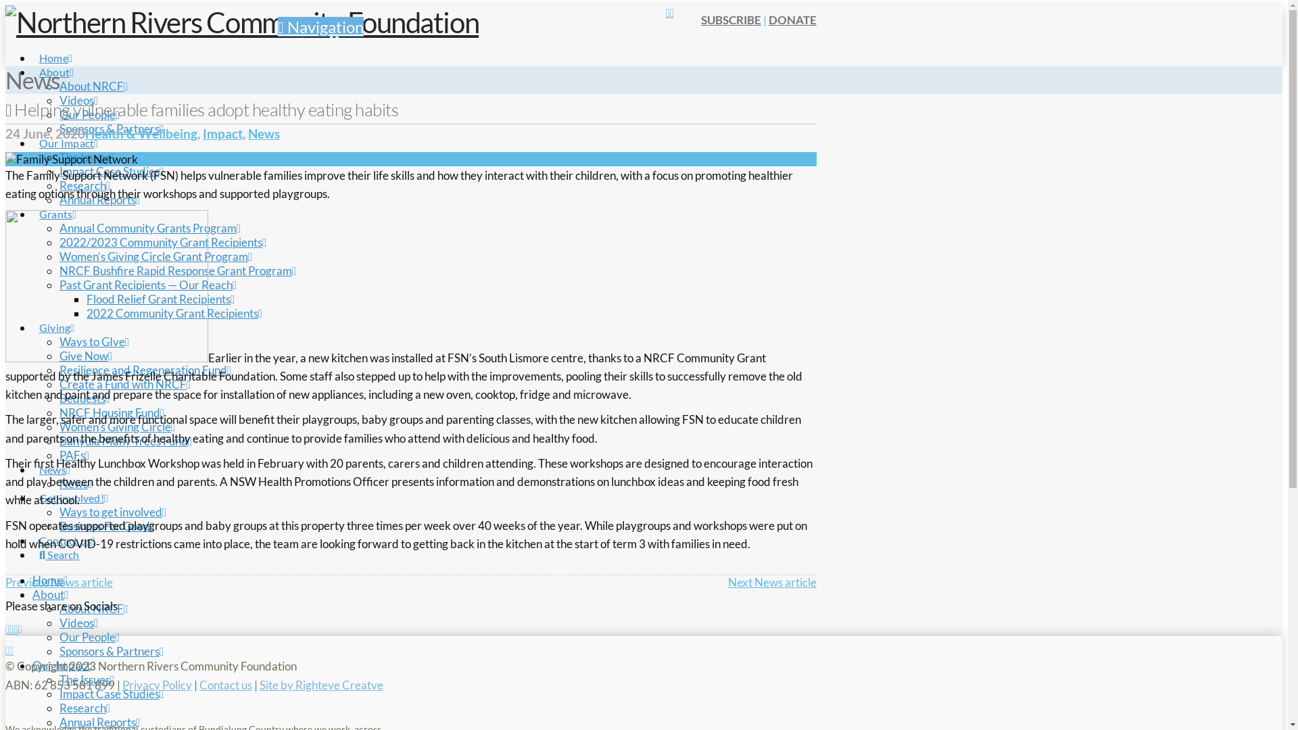  Describe the element at coordinates (111, 650) in the screenshot. I see `'Sponsors & Partners'` at that location.